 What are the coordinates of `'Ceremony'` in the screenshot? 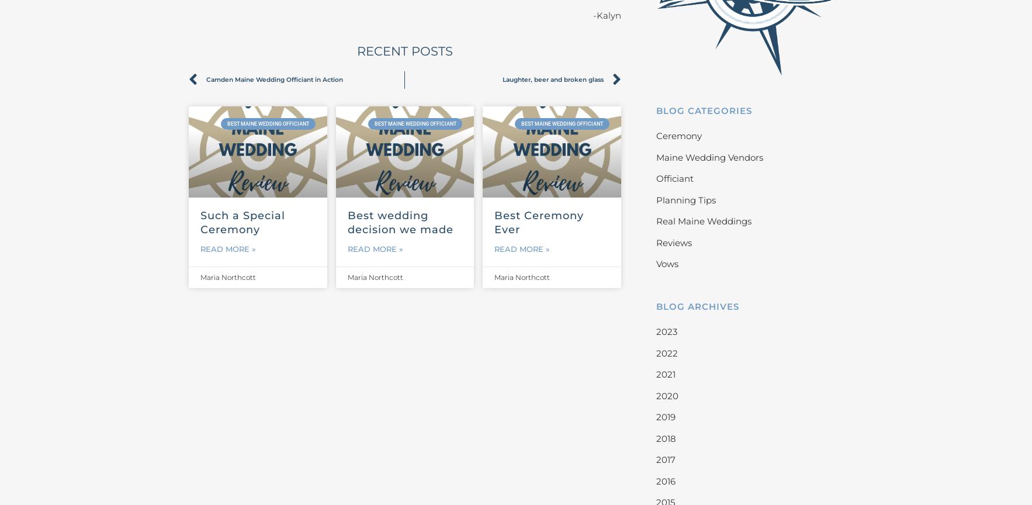 It's located at (677, 136).